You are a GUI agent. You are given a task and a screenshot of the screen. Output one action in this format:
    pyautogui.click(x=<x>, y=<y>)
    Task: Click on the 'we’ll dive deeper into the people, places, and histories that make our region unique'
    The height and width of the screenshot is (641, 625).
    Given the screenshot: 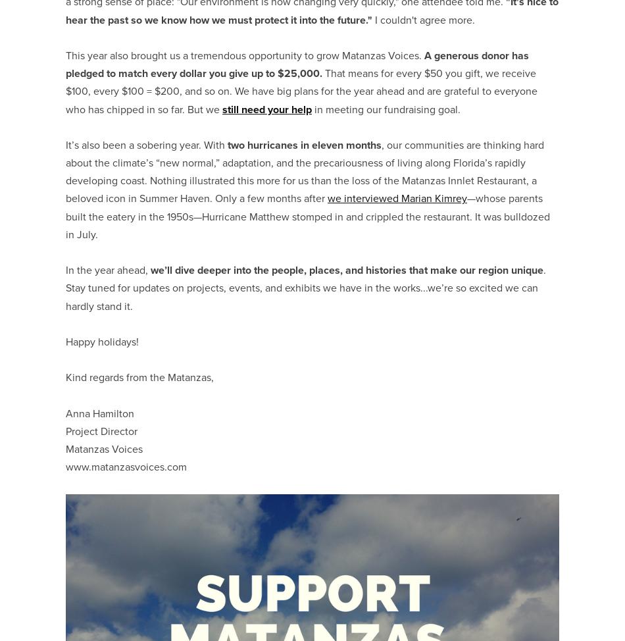 What is the action you would take?
    pyautogui.click(x=347, y=269)
    